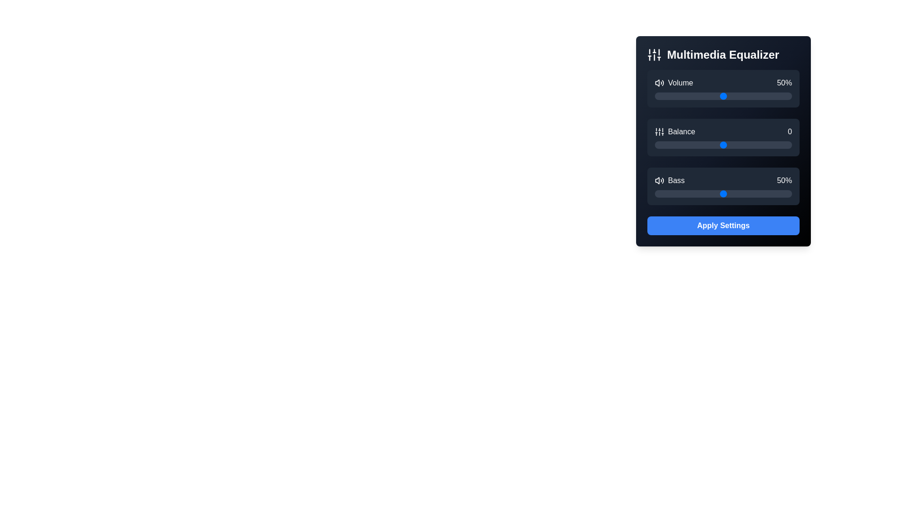 This screenshot has height=507, width=902. Describe the element at coordinates (723, 96) in the screenshot. I see `the volume level` at that location.